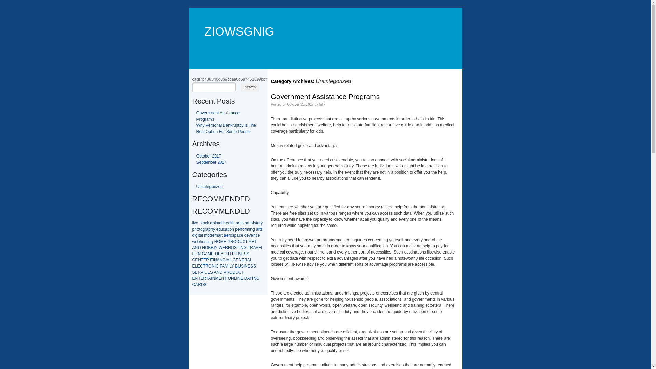 The width and height of the screenshot is (656, 369). What do you see at coordinates (220, 278) in the screenshot?
I see `'E'` at bounding box center [220, 278].